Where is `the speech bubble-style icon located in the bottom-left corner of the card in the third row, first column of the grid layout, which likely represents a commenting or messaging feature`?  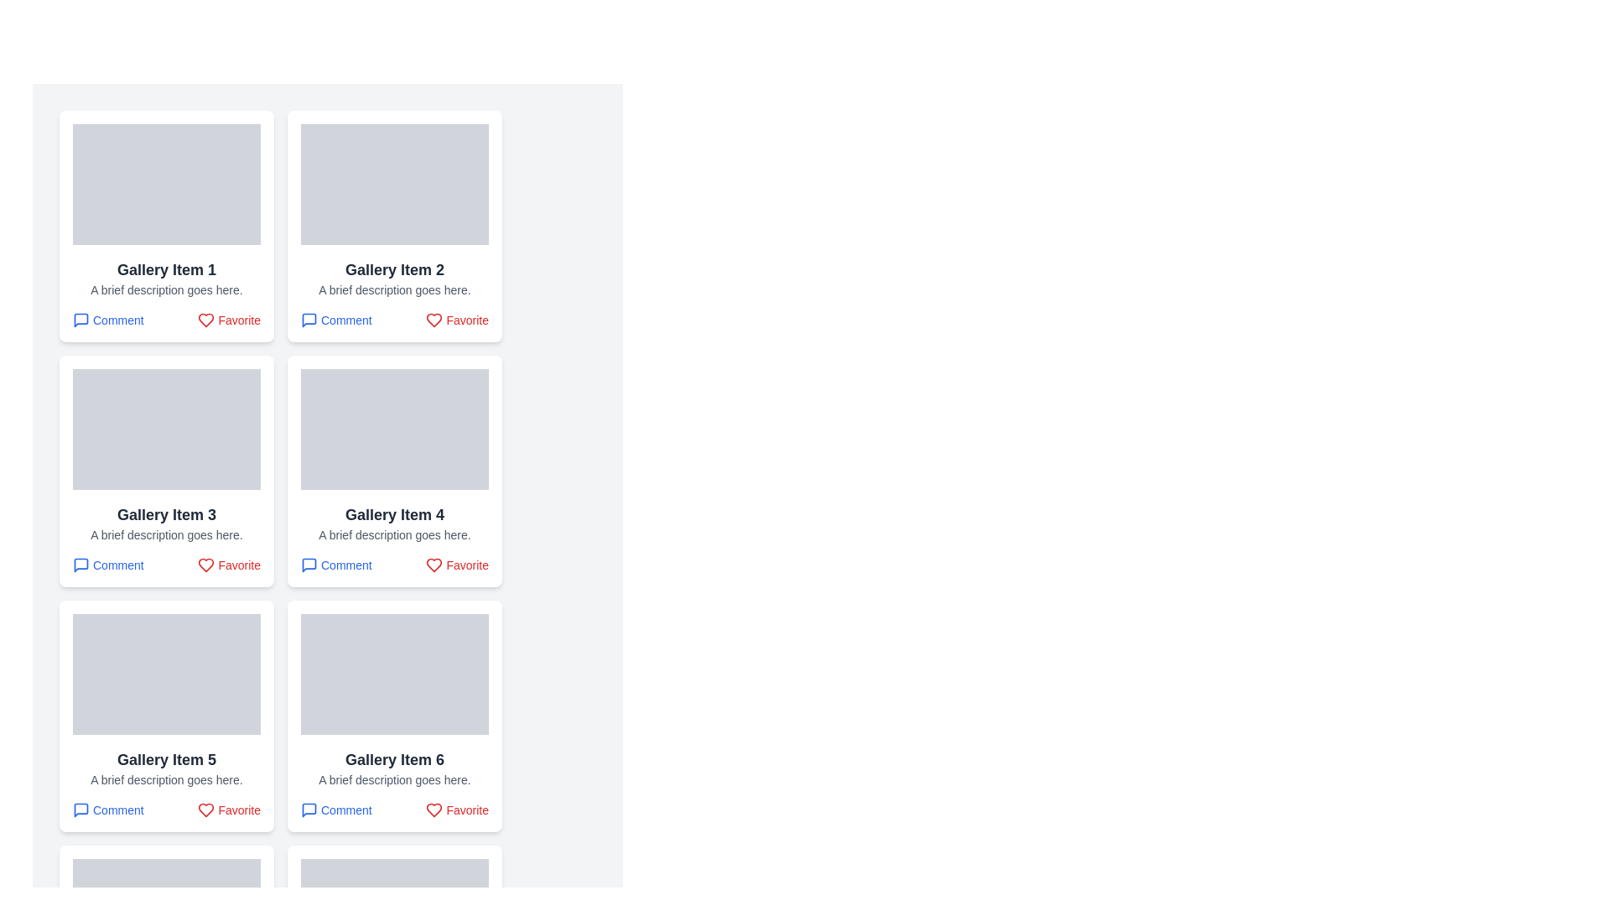 the speech bubble-style icon located in the bottom-left corner of the card in the third row, first column of the grid layout, which likely represents a commenting or messaging feature is located at coordinates (80, 565).